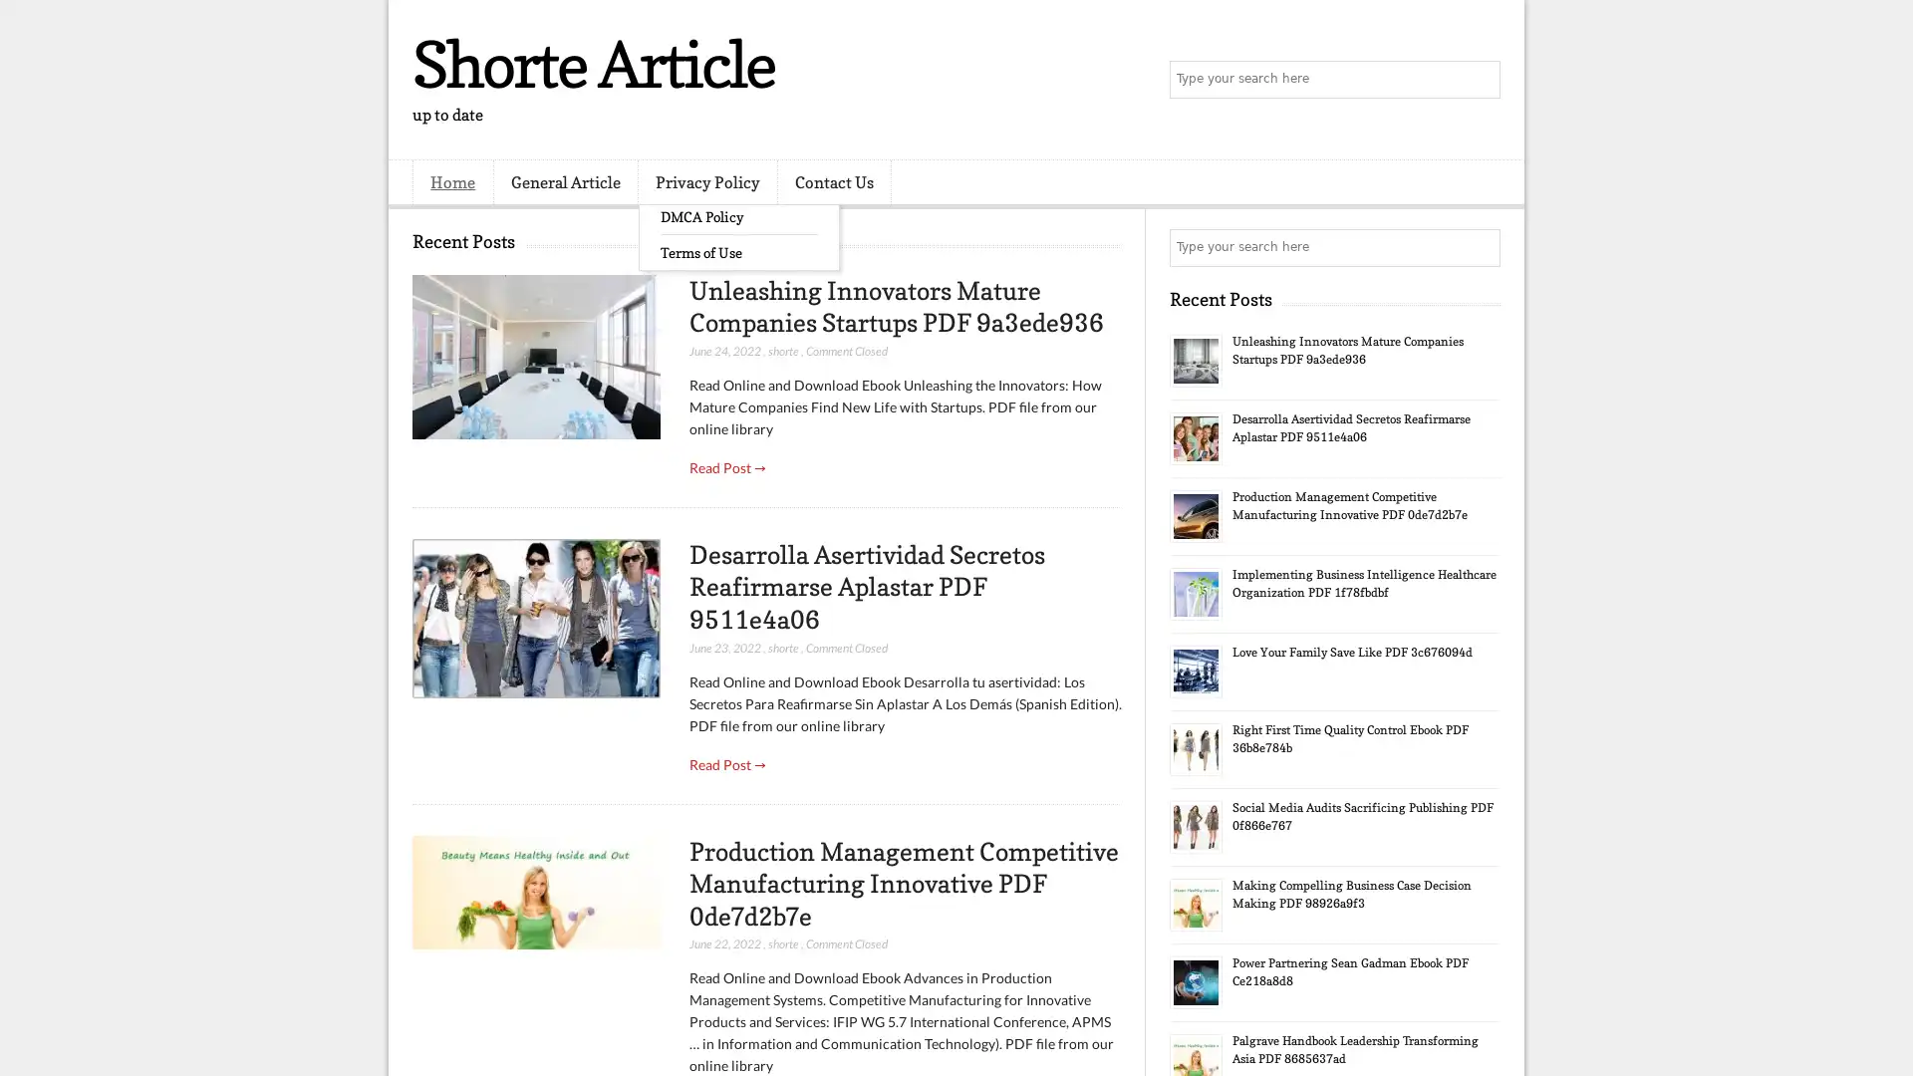  What do you see at coordinates (1480, 247) in the screenshot?
I see `Search` at bounding box center [1480, 247].